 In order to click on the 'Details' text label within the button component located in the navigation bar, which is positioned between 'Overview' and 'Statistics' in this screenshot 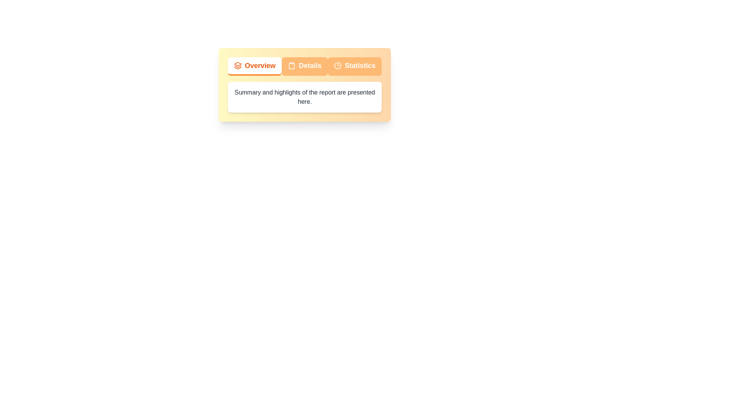, I will do `click(310, 65)`.